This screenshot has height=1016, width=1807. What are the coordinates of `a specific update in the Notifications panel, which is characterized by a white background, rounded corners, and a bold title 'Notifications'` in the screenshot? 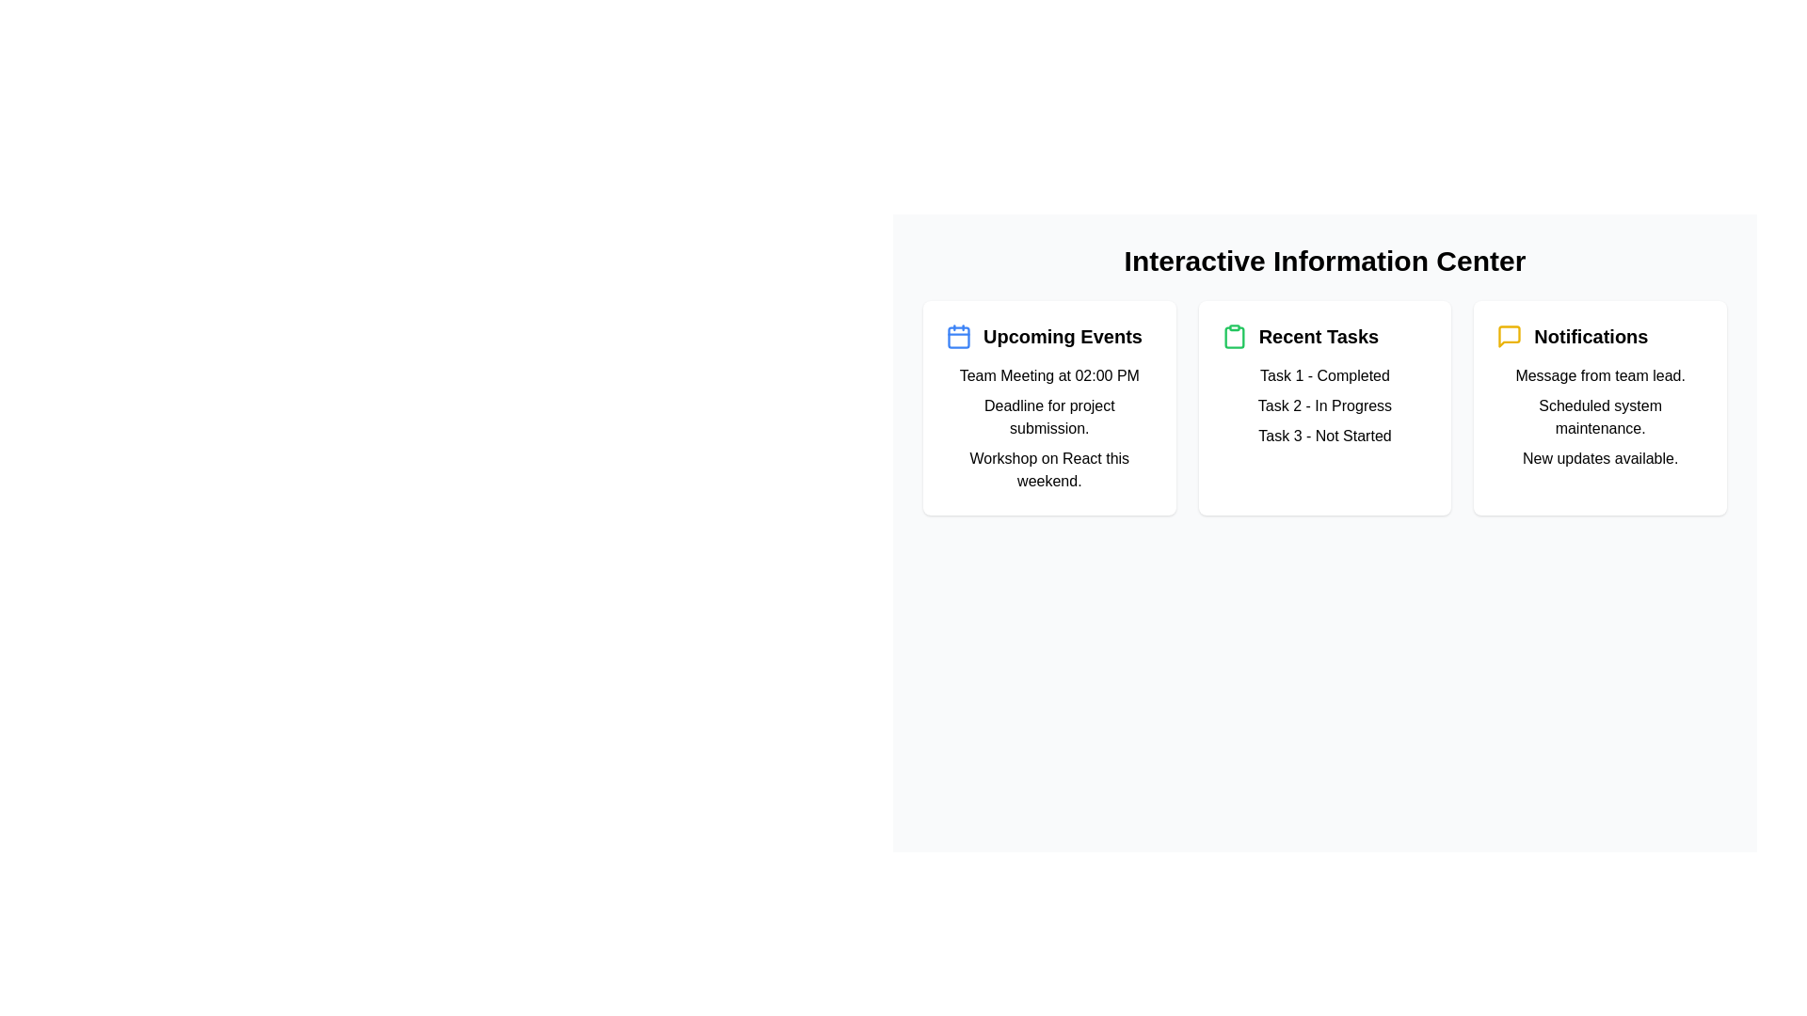 It's located at (1598, 407).